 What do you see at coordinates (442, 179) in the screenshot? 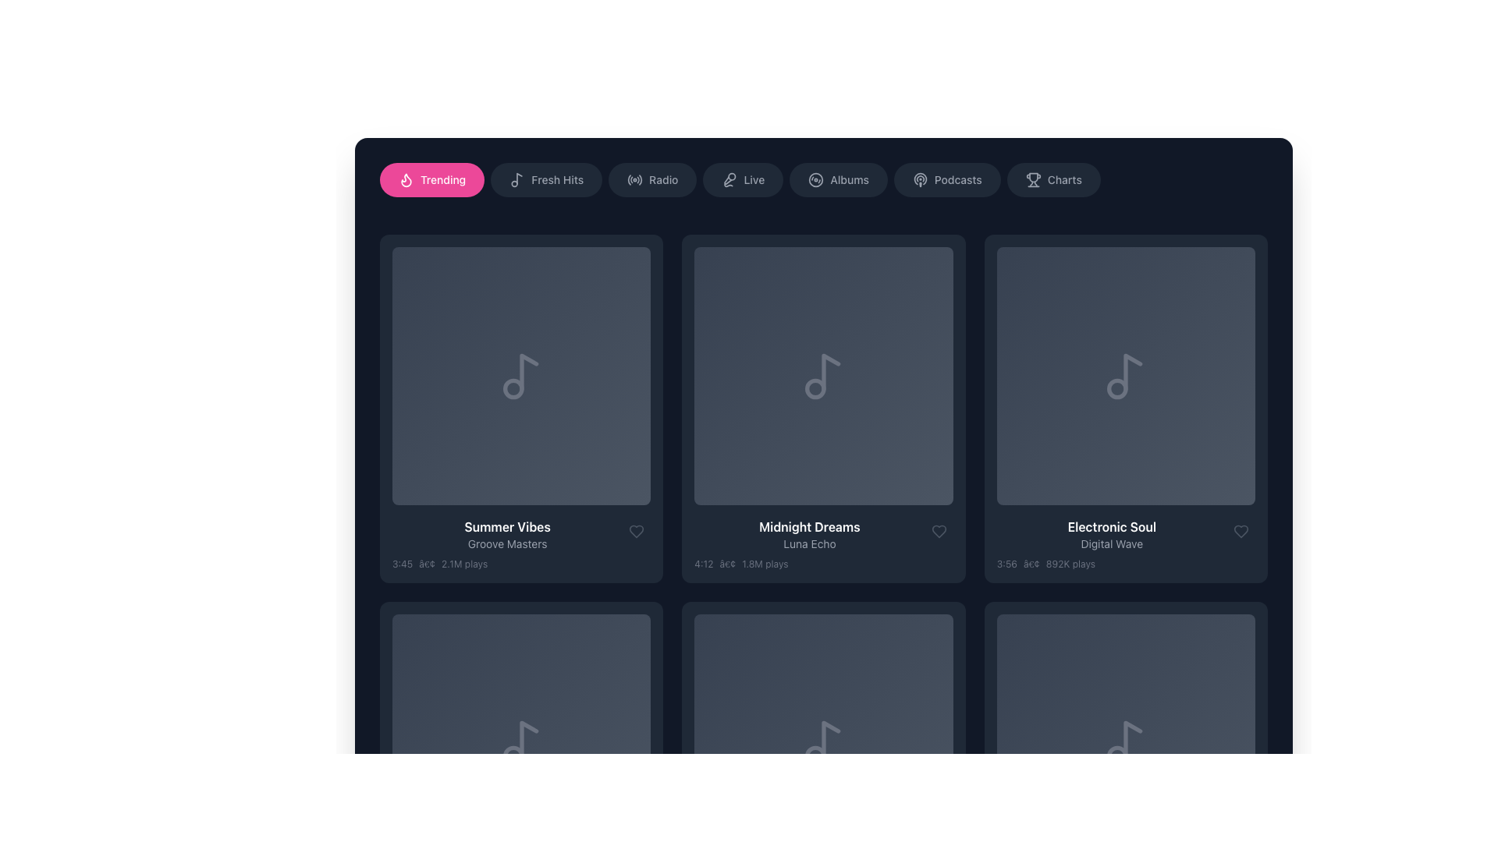
I see `the label indicating the current active or highlighted category, which is centered within a pink rounded rectangle and accompanied by a flame icon` at bounding box center [442, 179].